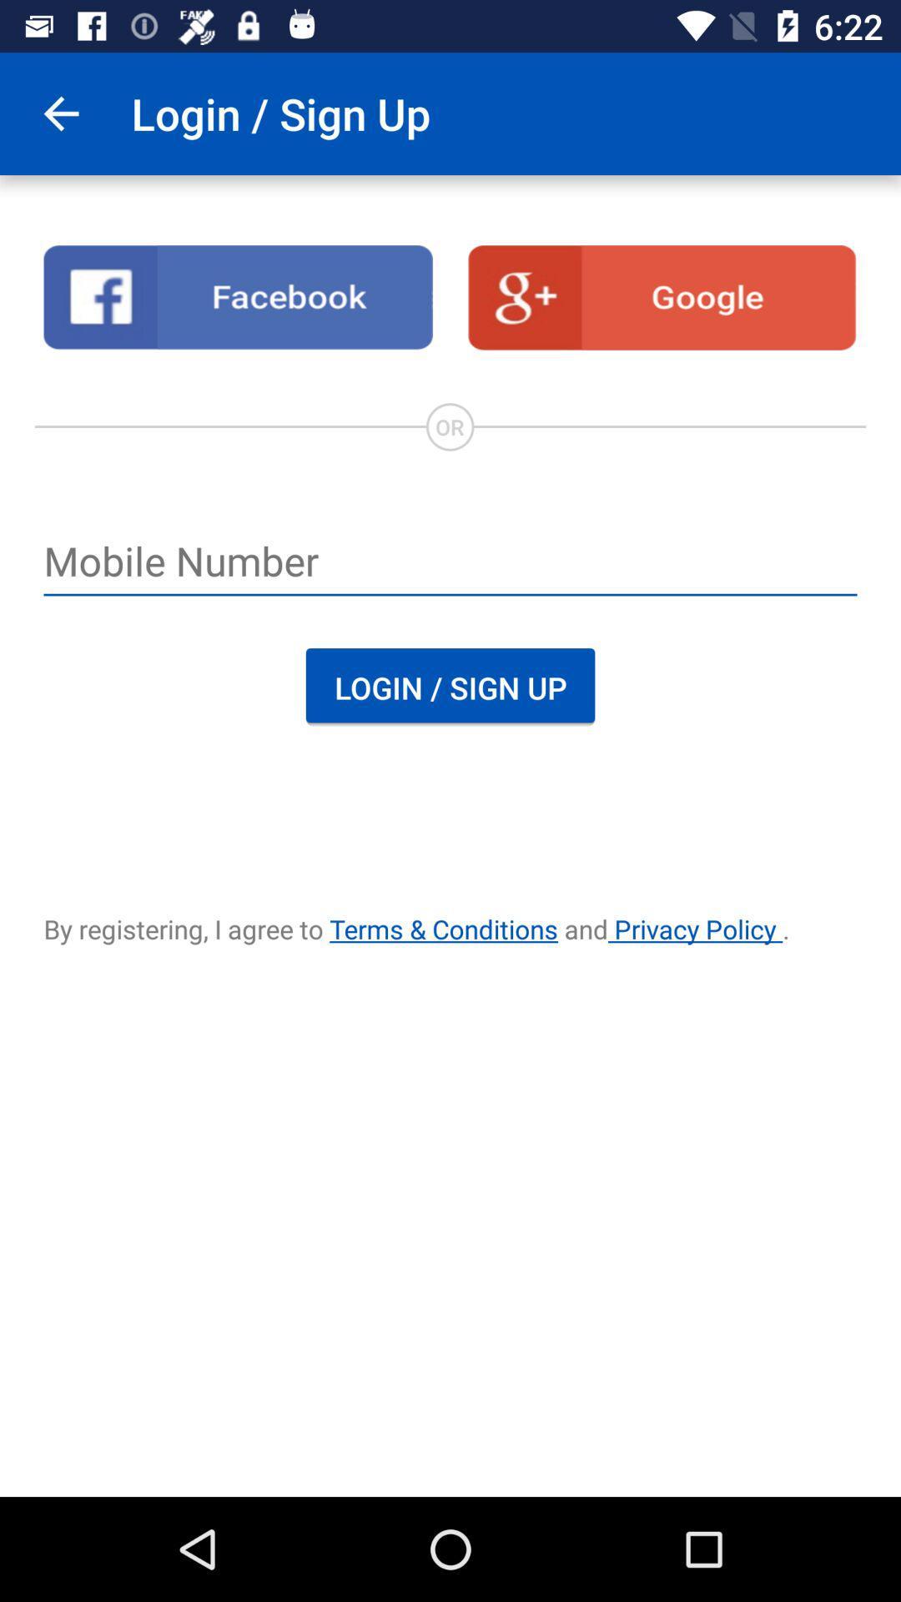 This screenshot has width=901, height=1602. Describe the element at coordinates (450, 563) in the screenshot. I see `type phone number` at that location.